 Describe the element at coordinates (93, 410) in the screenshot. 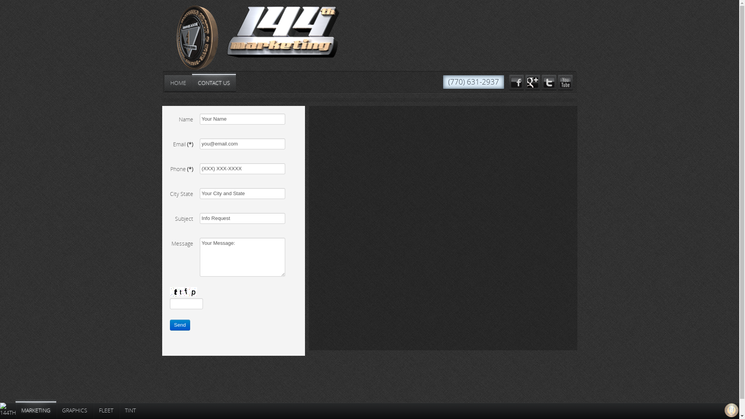

I see `'FLEET'` at that location.